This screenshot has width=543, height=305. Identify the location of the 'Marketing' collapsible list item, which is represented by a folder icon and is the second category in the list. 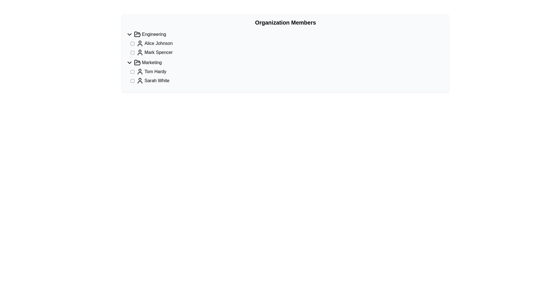
(144, 63).